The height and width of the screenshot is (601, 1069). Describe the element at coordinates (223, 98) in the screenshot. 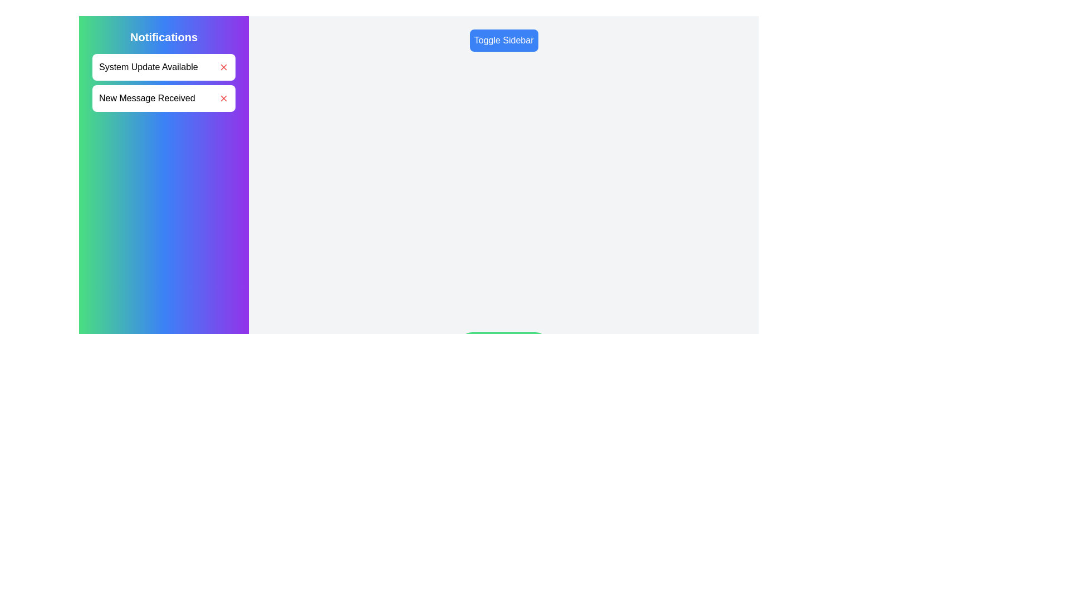

I see `the diagonal cross (X) icon located on the right side of the text within the notification item` at that location.